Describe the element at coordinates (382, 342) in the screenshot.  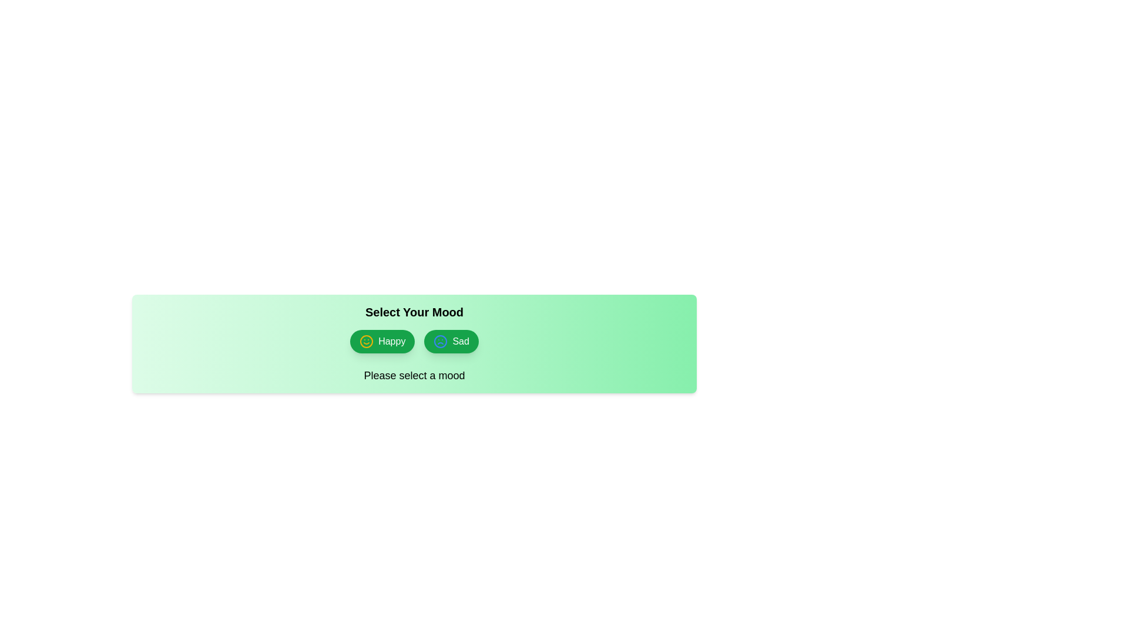
I see `the mood button corresponding to Happy` at that location.